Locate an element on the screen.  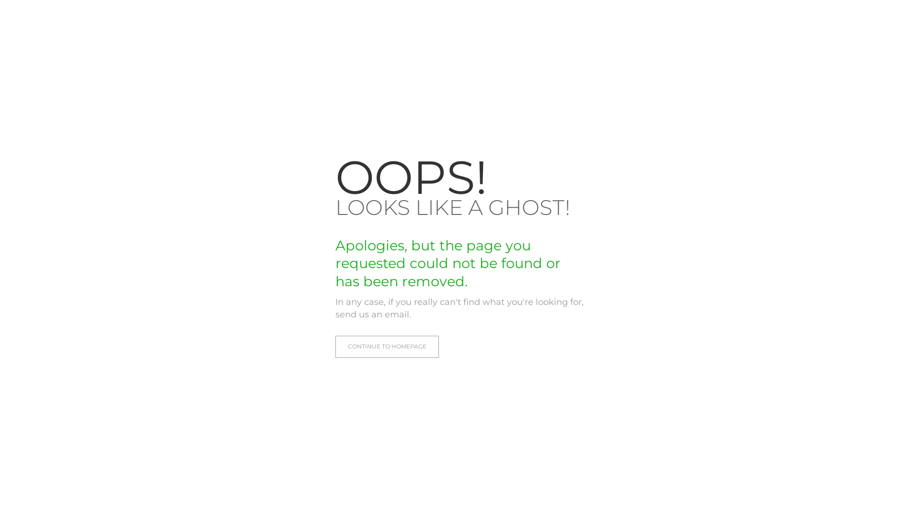
'CONTINUE TO HOMEPAGE' is located at coordinates (387, 347).